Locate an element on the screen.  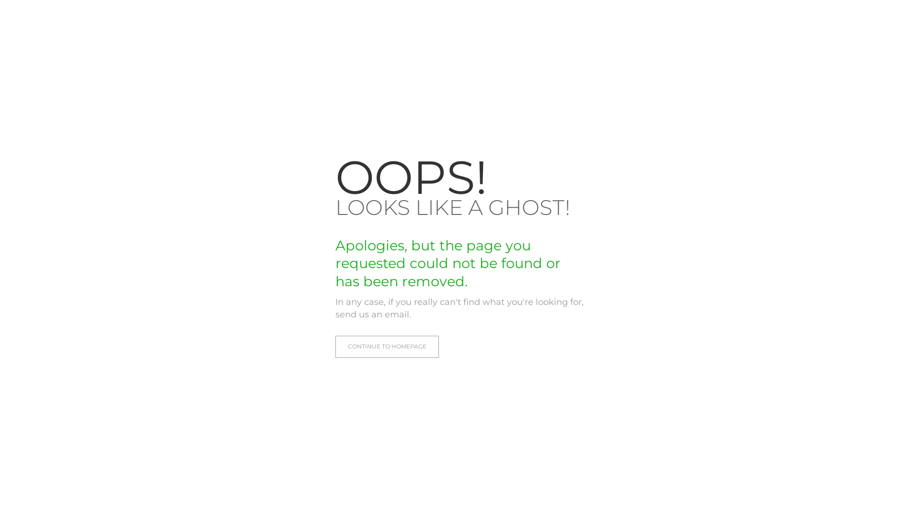
'CONTINUE TO HOMEPAGE' is located at coordinates (387, 347).